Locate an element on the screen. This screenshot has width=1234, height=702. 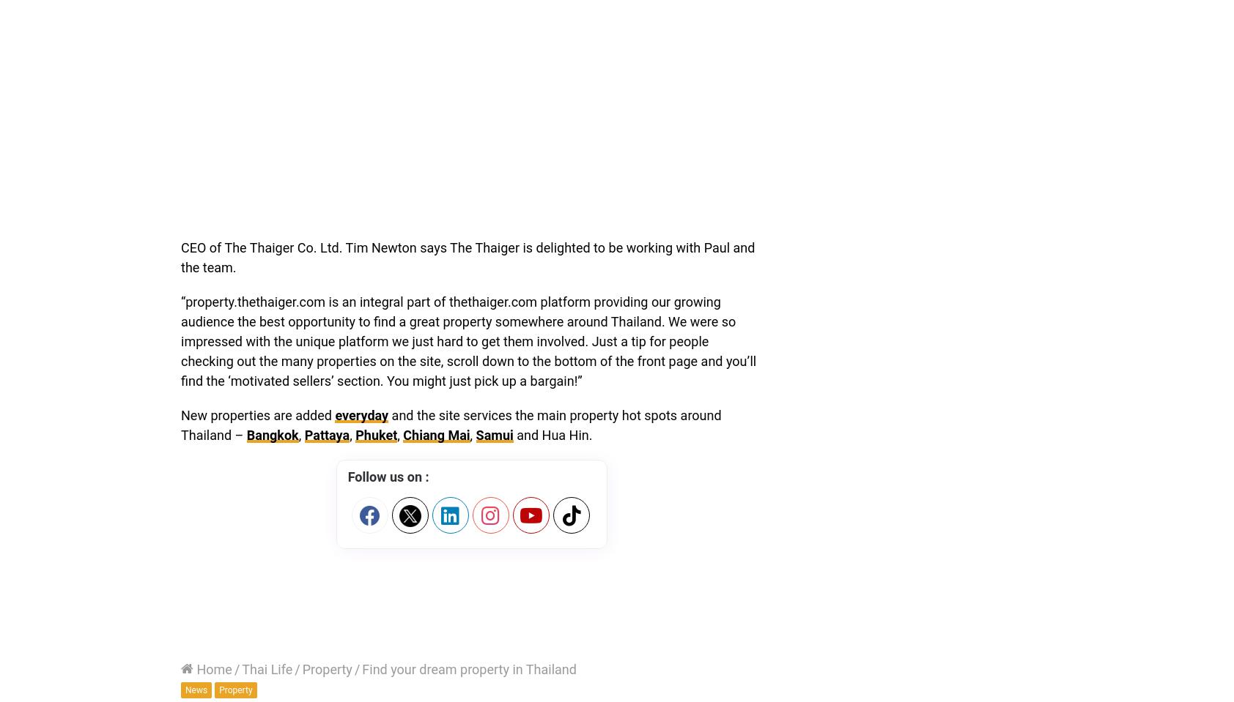
'Home' is located at coordinates (212, 668).